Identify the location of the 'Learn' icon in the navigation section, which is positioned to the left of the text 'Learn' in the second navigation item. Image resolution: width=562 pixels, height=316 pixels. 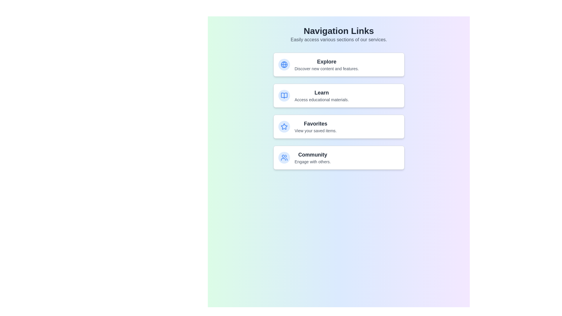
(284, 95).